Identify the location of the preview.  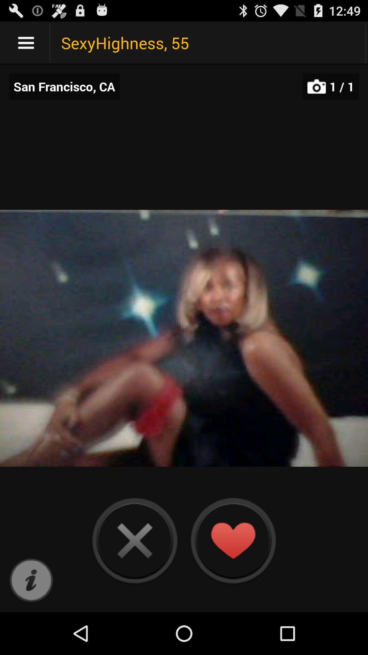
(135, 540).